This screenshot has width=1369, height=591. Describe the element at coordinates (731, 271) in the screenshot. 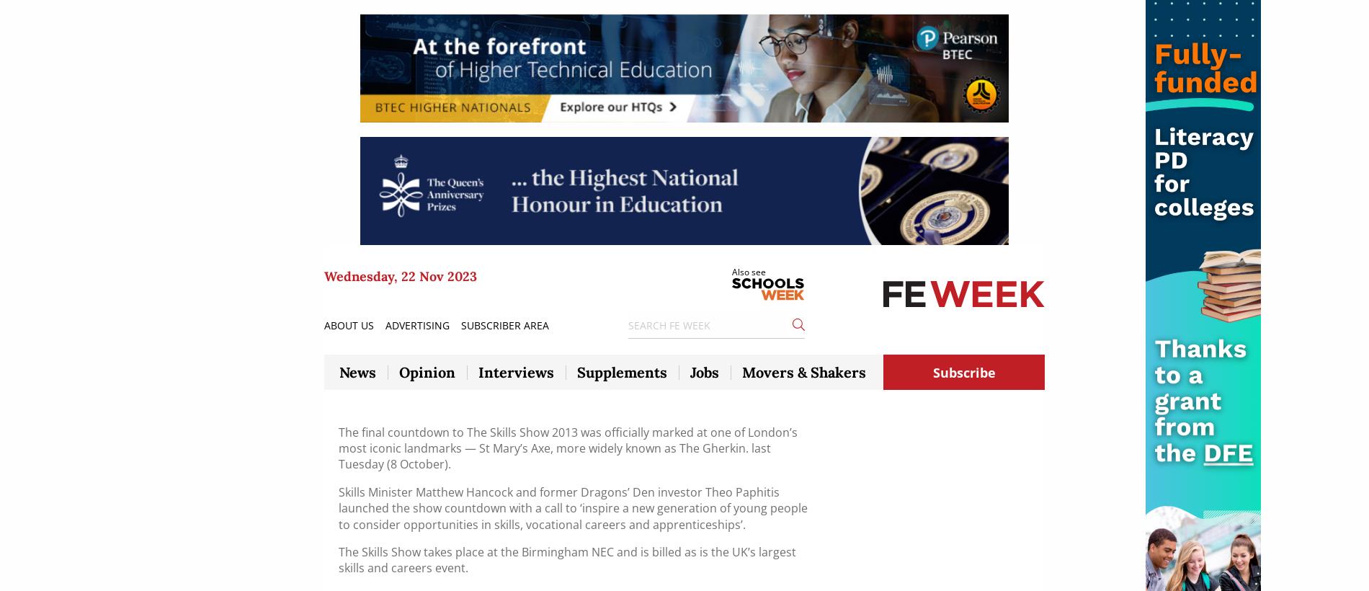

I see `'Also see'` at that location.